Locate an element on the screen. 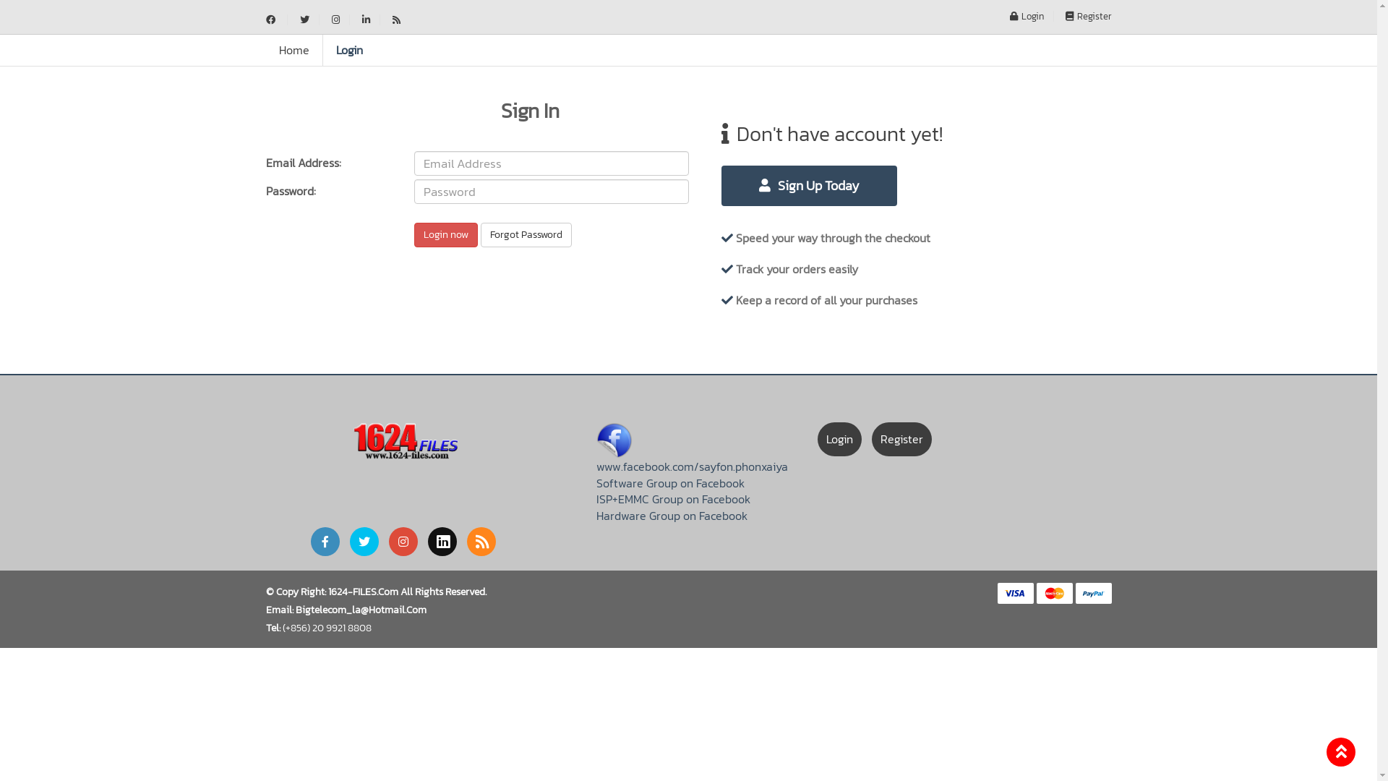 This screenshot has height=781, width=1388. 'Register' is located at coordinates (901, 438).